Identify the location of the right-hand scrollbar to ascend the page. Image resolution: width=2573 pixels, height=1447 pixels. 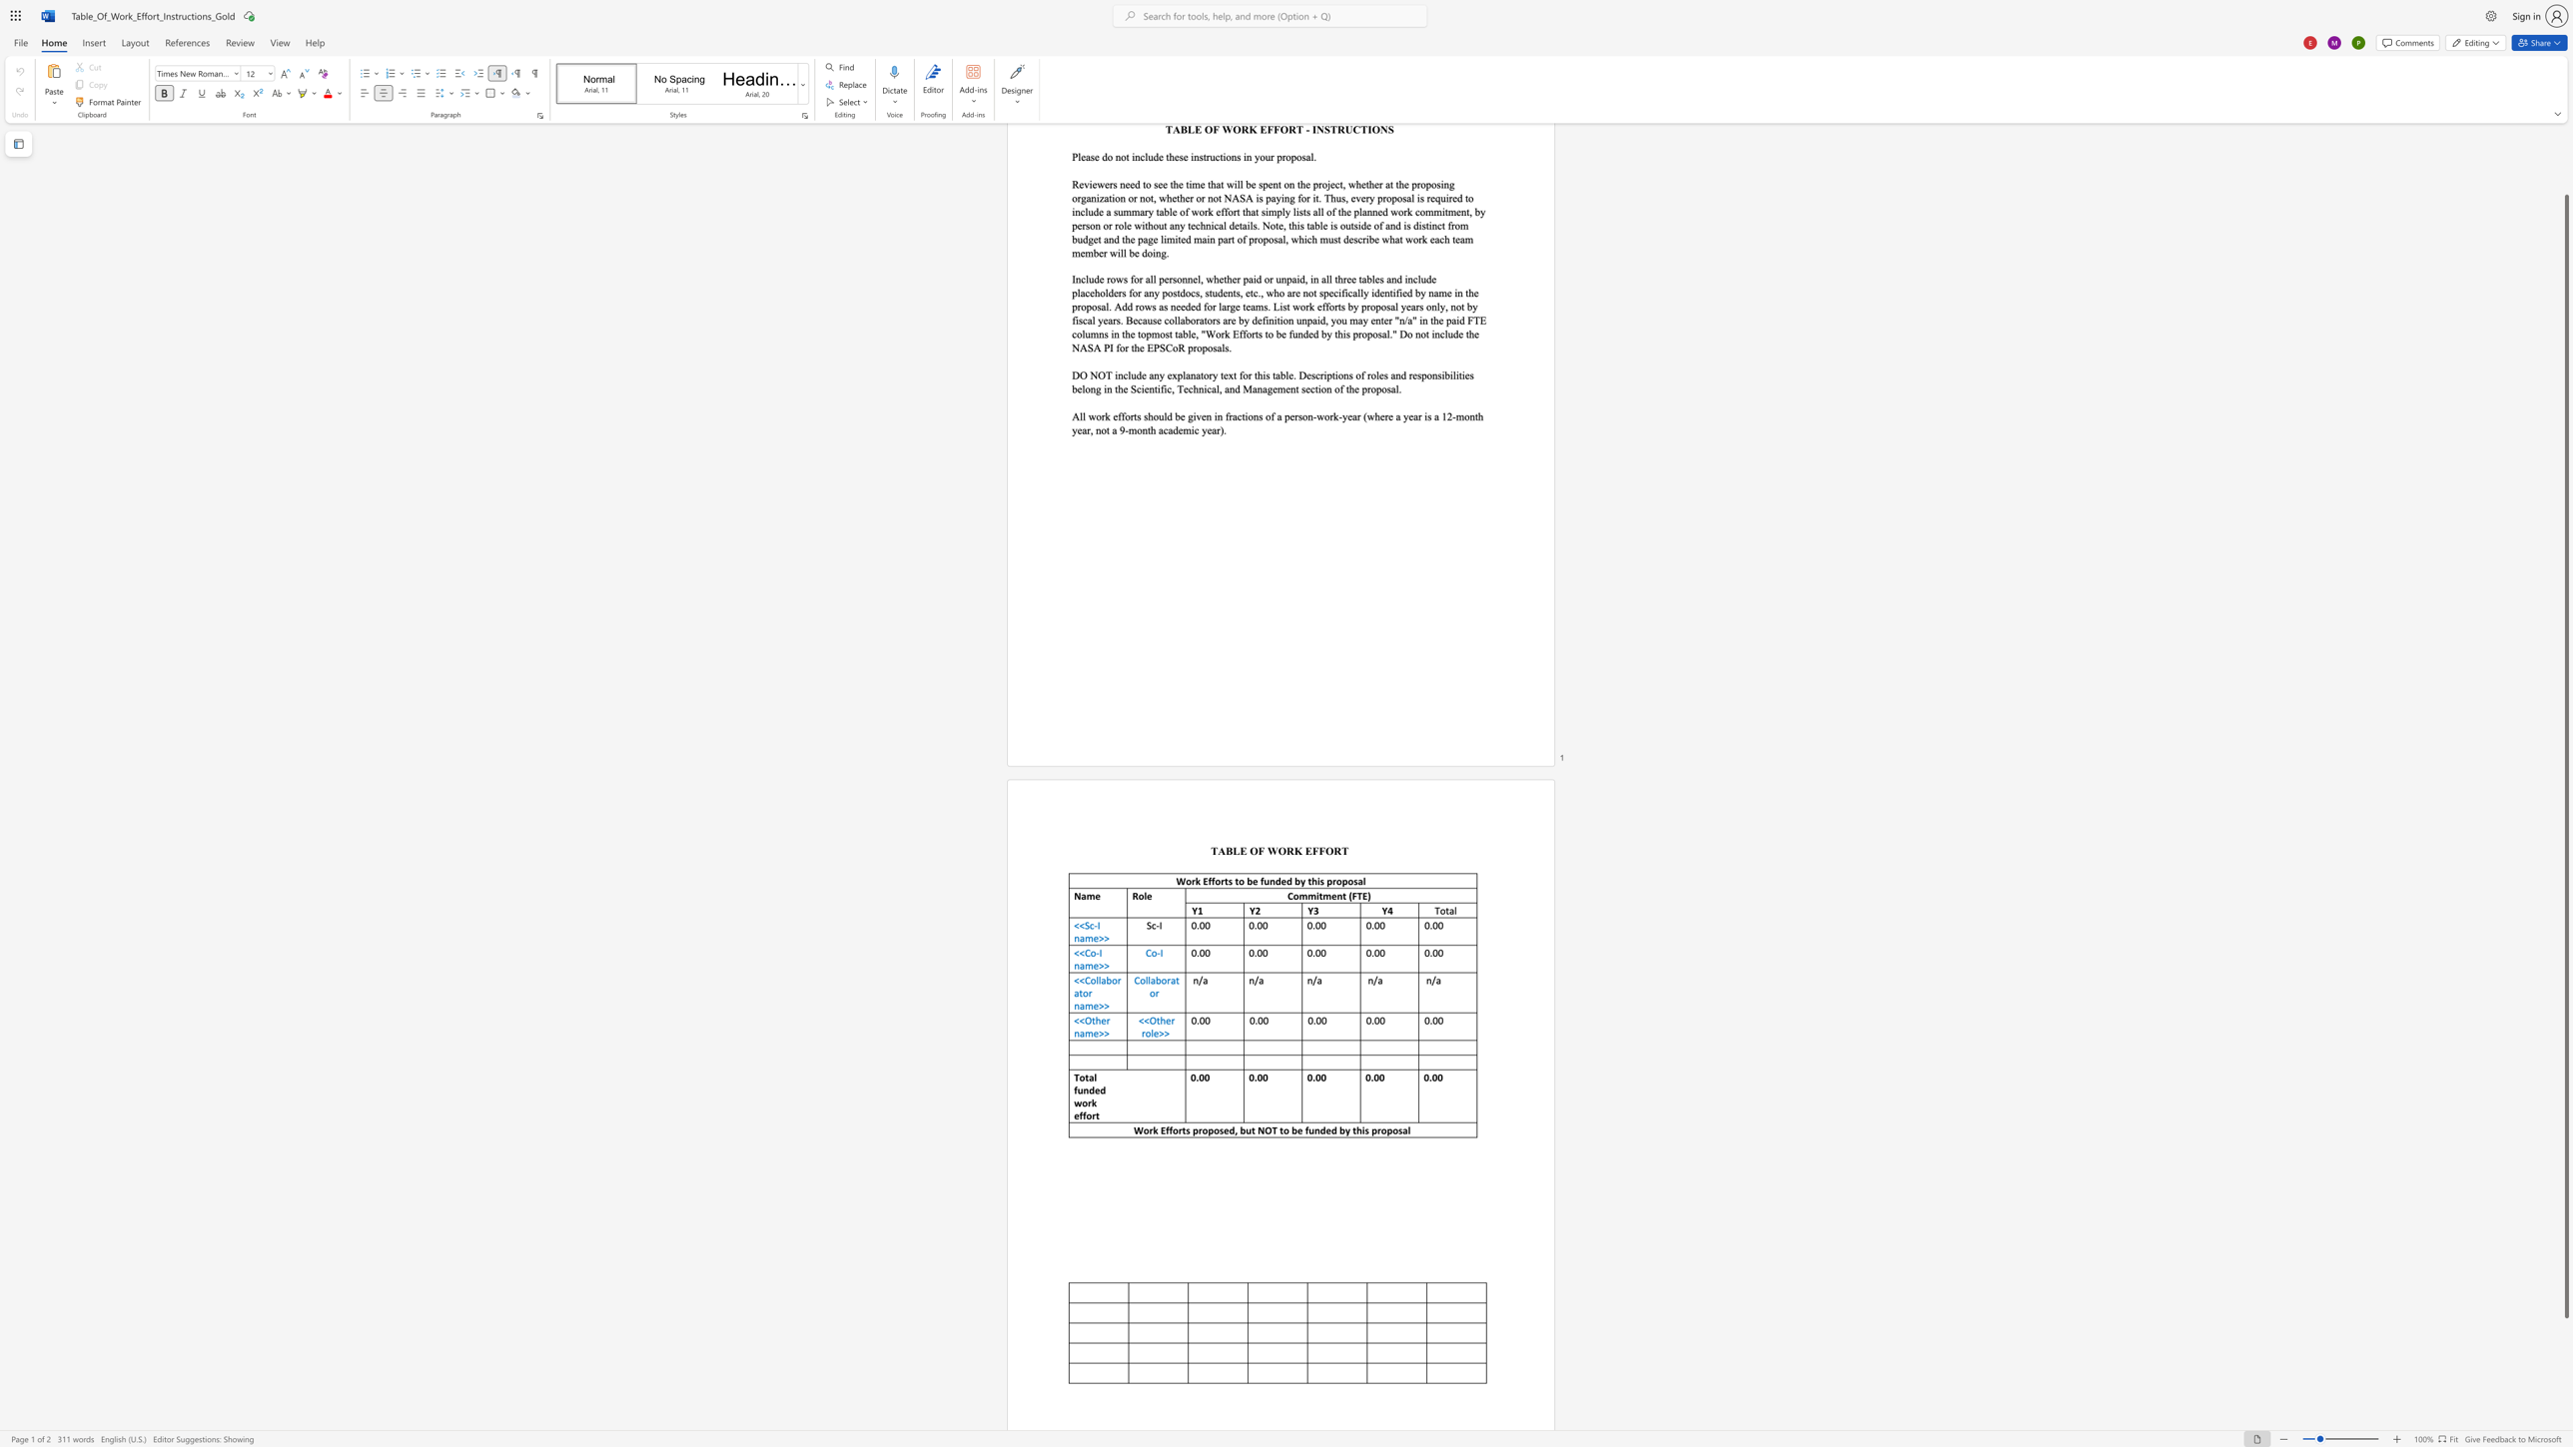
(2565, 154).